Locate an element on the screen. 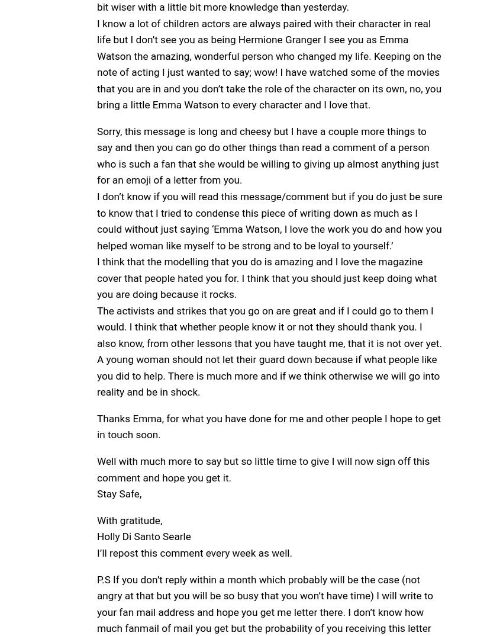  'I think that the modelling that you do is amazing and I love the magazine cover that people hated you for. I think that you should just keep doing what you are doing because it rocks.' is located at coordinates (266, 277).